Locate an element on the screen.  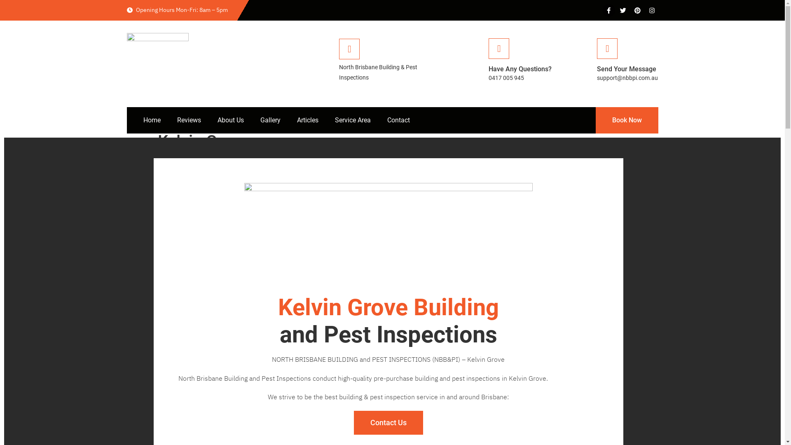
'Home' is located at coordinates (152, 120).